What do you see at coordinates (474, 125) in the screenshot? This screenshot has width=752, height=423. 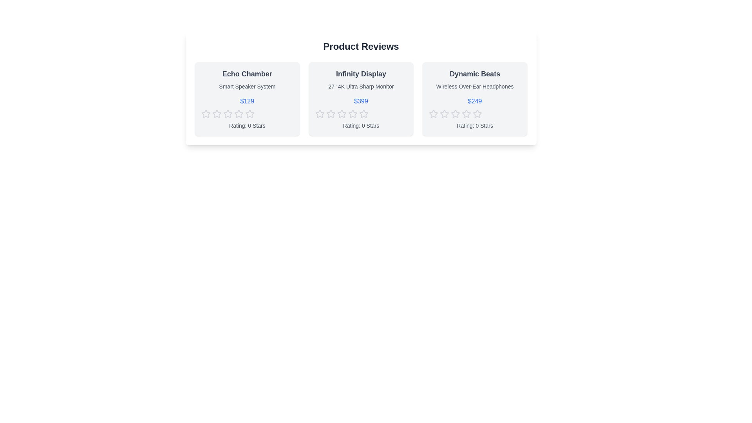 I see `the Text Label displaying '0 Stars' located at the bottom of the 'Dynamic Beats Wireless Over-Ear Headphones' card, beneath the gray star icons and the price tag of '$249'` at bounding box center [474, 125].